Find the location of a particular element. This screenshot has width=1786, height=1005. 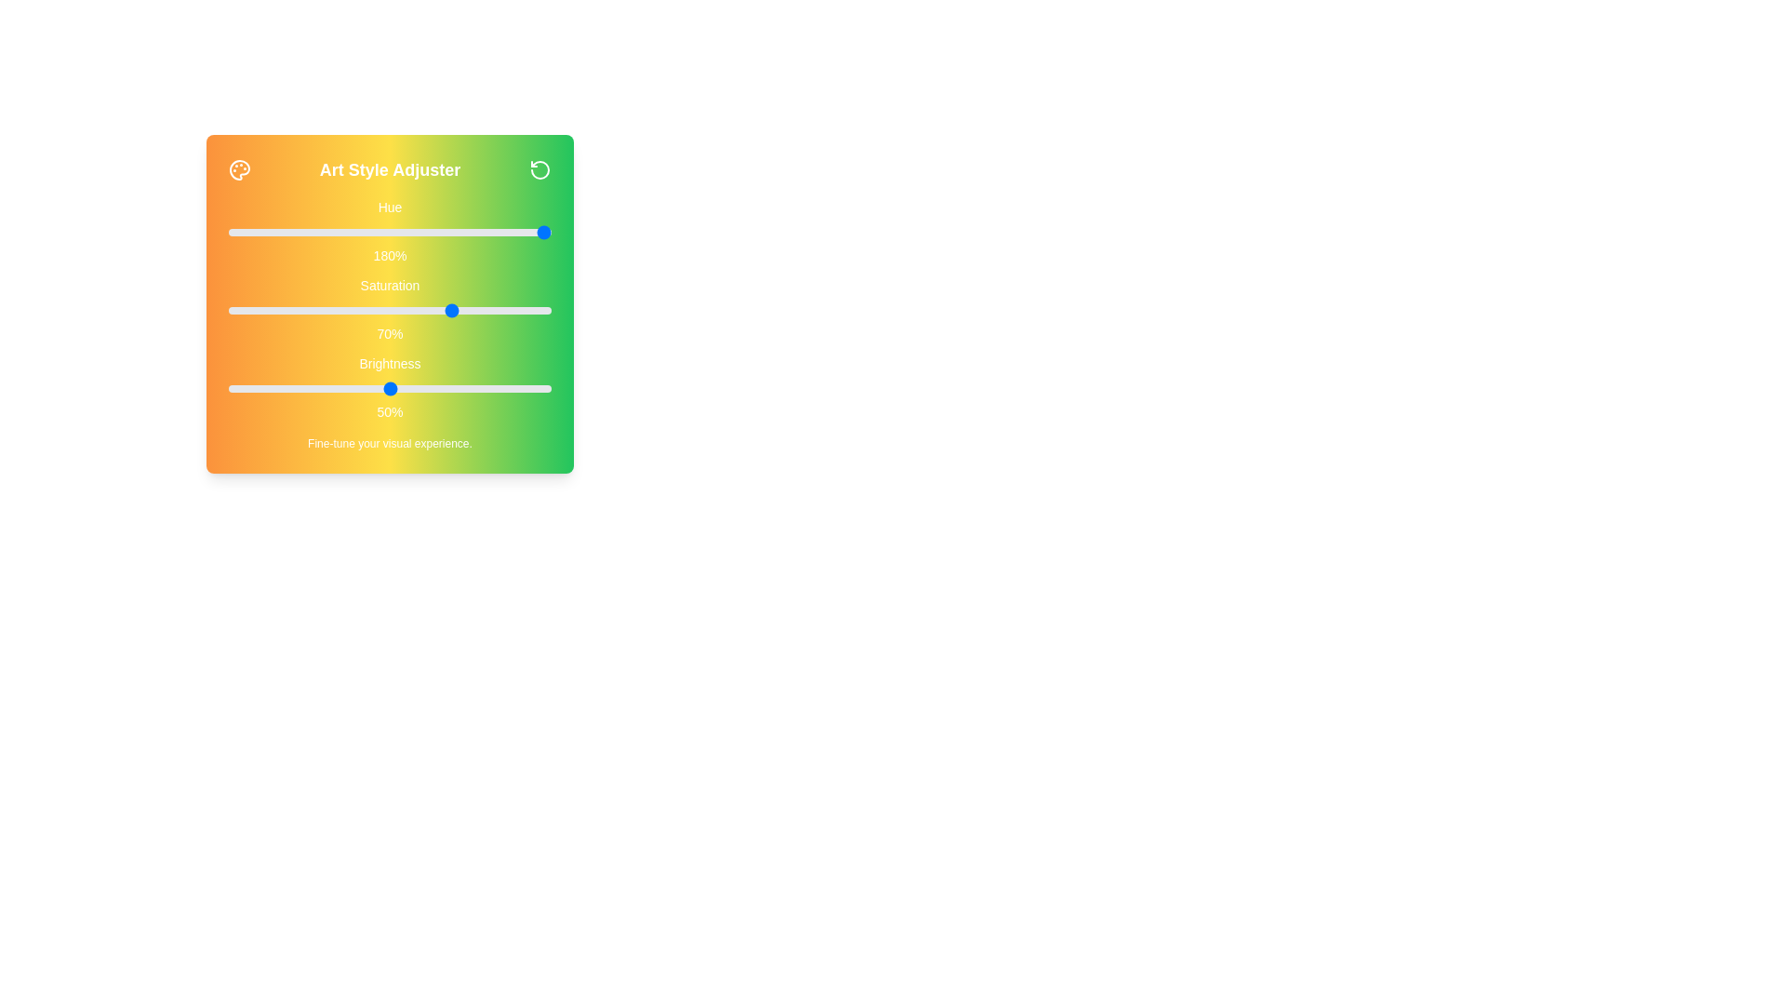

the reset icon to reset the settings to default values is located at coordinates (539, 169).